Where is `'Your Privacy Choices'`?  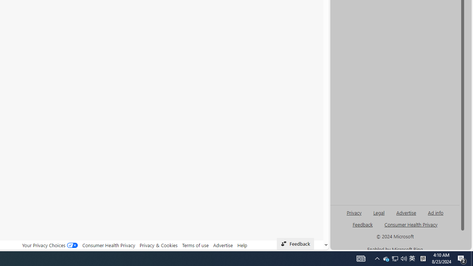 'Your Privacy Choices' is located at coordinates (50, 245).